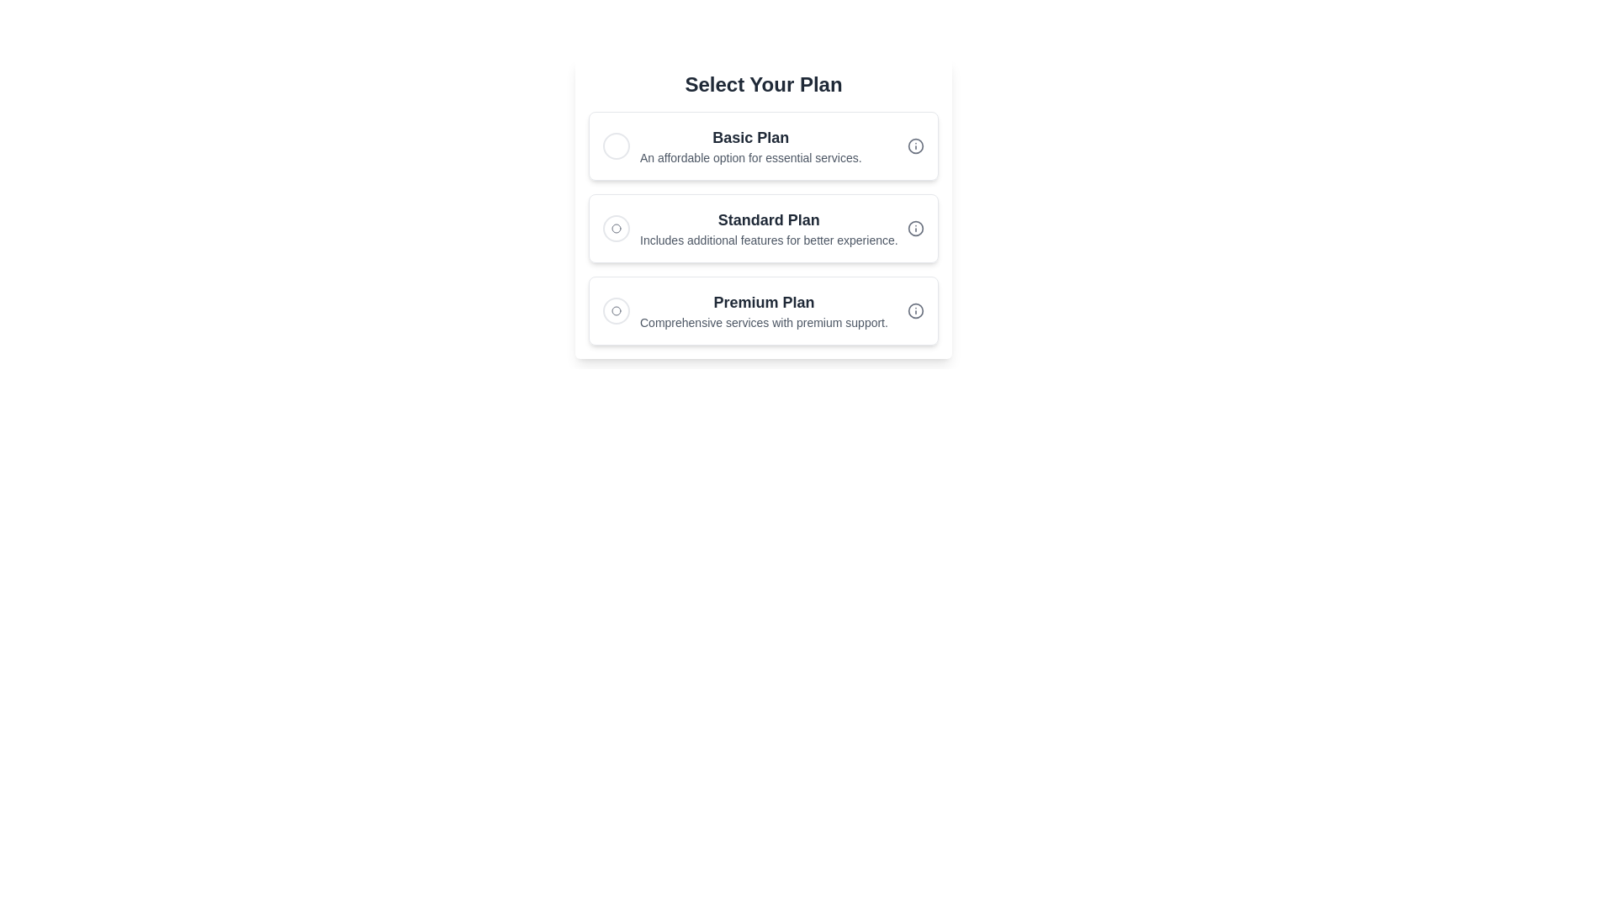 The height and width of the screenshot is (908, 1615). I want to click on the 'Basic Plan' selectable card, which is the first option in the list of three cards below the heading 'Select Your Plan', so click(762, 145).